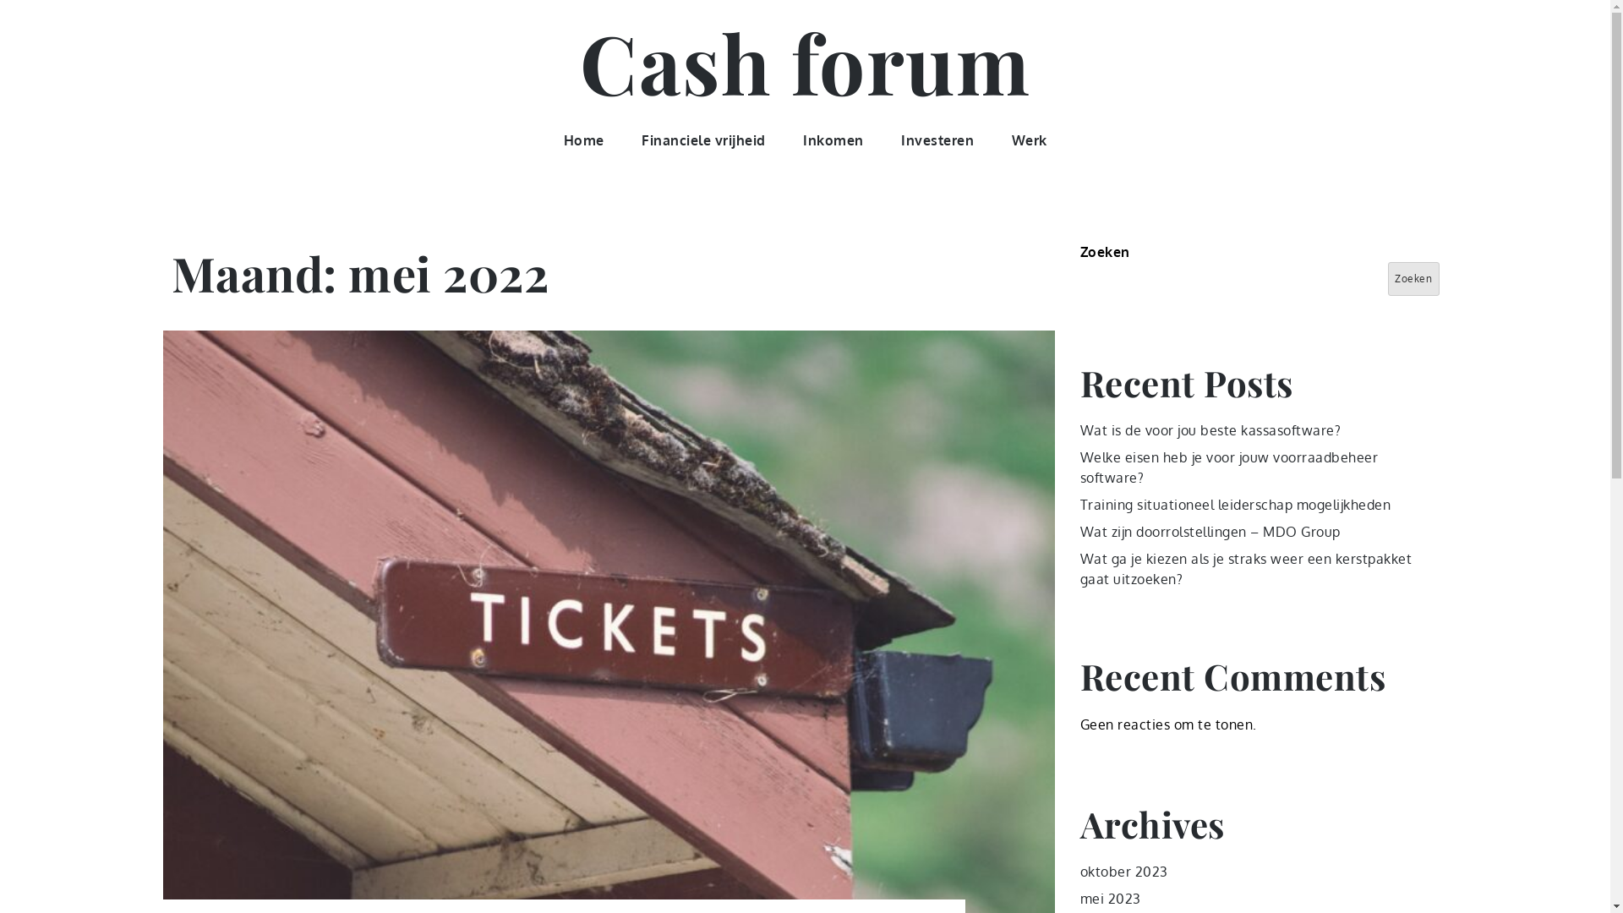  What do you see at coordinates (1028, 139) in the screenshot?
I see `'Werk'` at bounding box center [1028, 139].